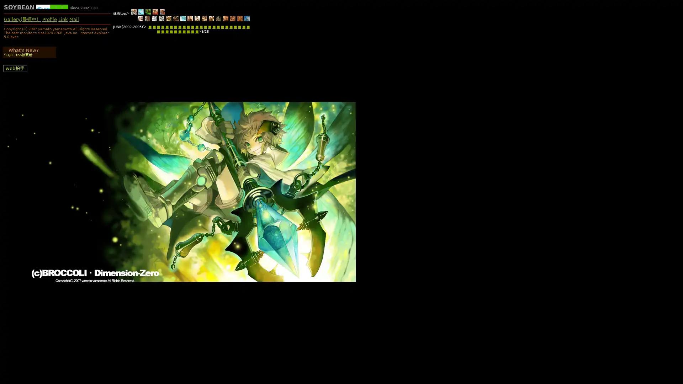 The height and width of the screenshot is (384, 683). What do you see at coordinates (15, 68) in the screenshot?
I see `web` at bounding box center [15, 68].